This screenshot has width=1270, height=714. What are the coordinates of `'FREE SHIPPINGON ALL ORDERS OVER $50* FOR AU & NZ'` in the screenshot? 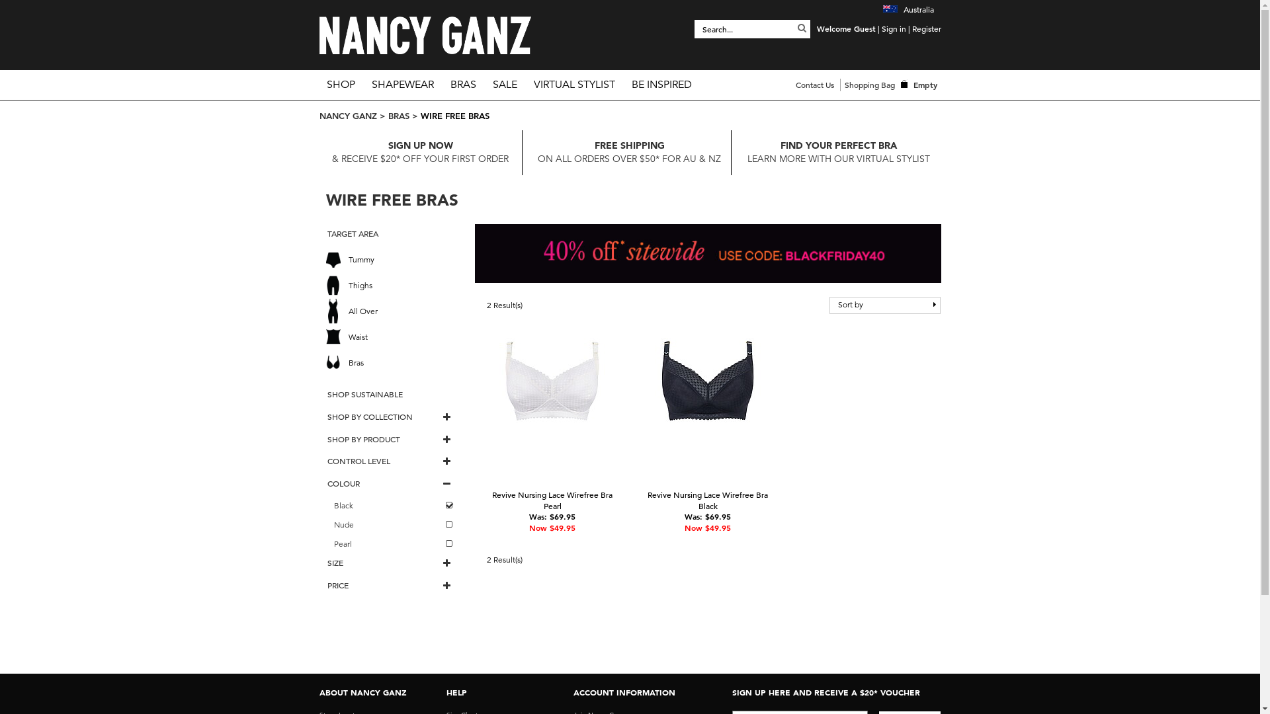 It's located at (628, 151).